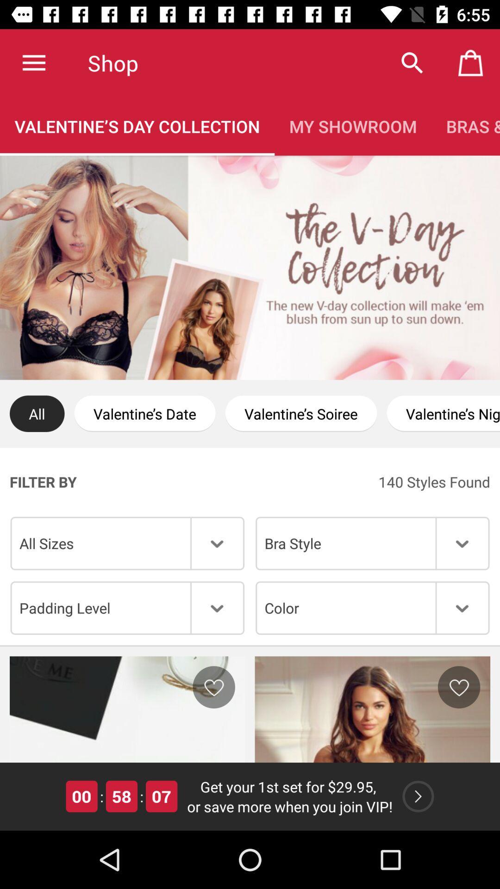 This screenshot has height=889, width=500. What do you see at coordinates (418, 795) in the screenshot?
I see `the button which is at bottom right corner of page` at bounding box center [418, 795].